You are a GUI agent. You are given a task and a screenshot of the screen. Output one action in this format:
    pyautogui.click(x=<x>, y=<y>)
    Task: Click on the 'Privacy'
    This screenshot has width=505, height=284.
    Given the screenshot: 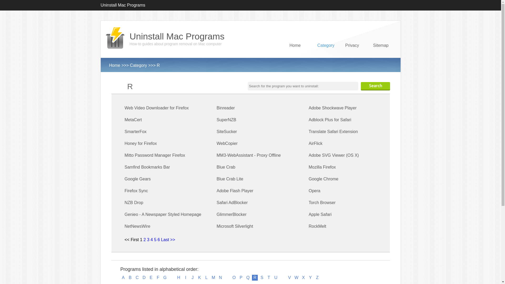 What is the action you would take?
    pyautogui.click(x=354, y=55)
    